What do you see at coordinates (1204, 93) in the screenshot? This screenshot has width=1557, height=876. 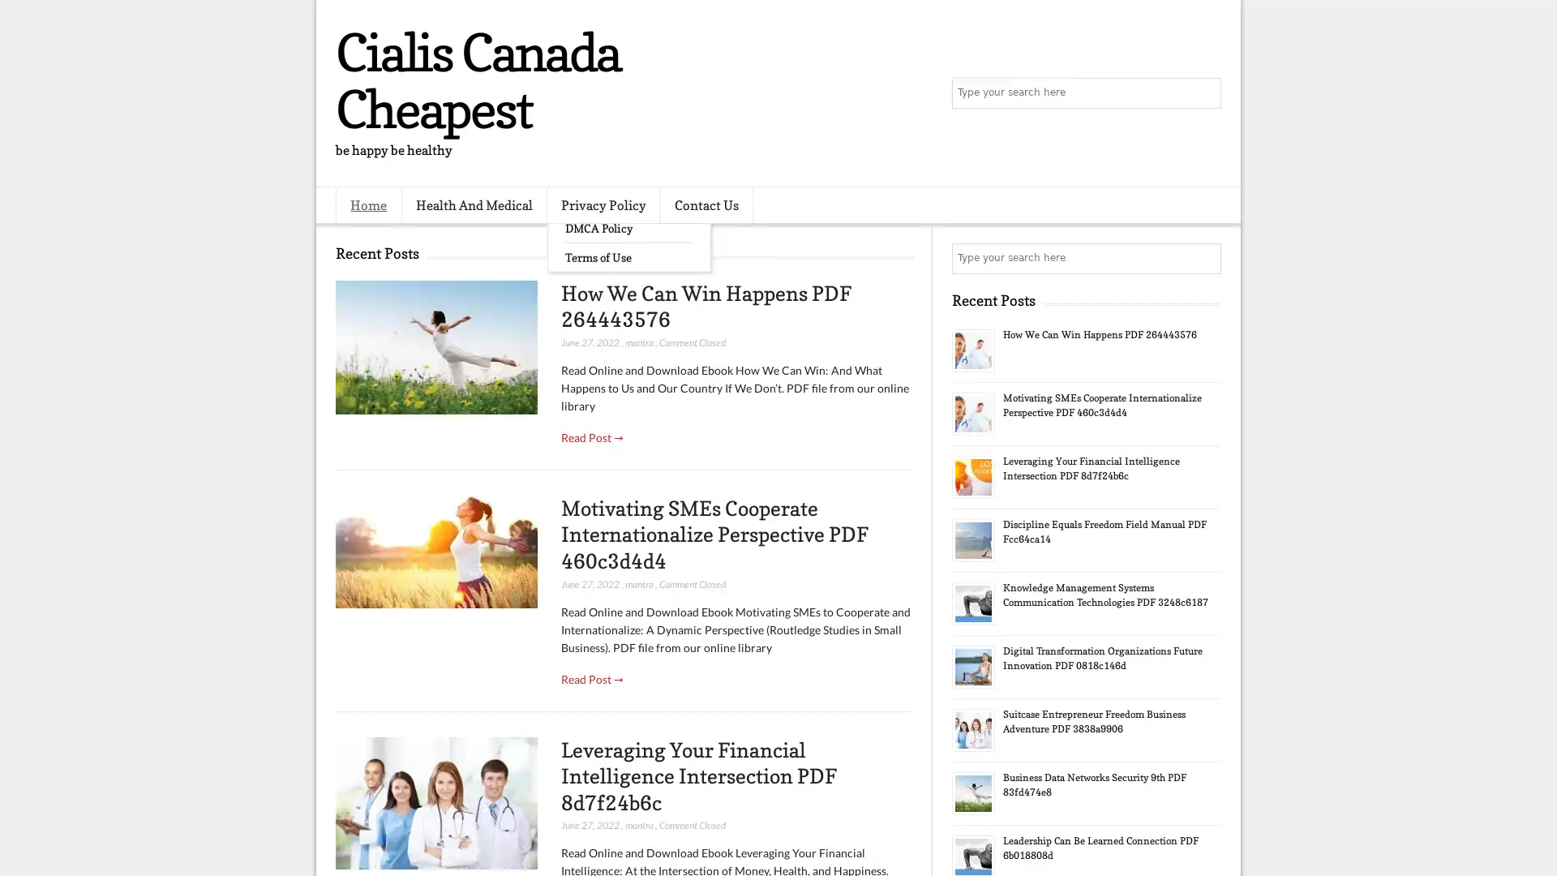 I see `Search` at bounding box center [1204, 93].